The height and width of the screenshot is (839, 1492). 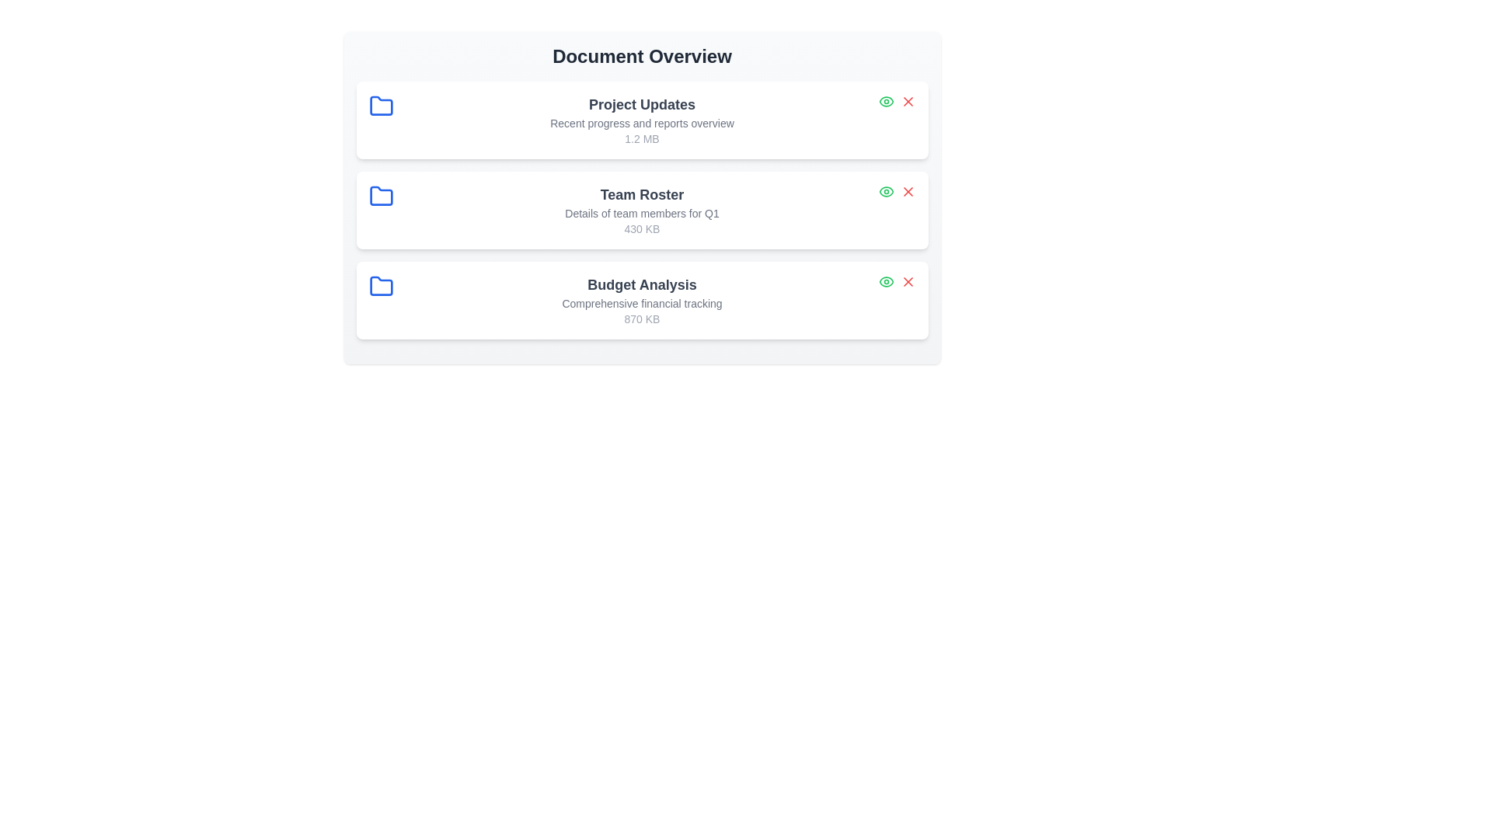 What do you see at coordinates (642, 300) in the screenshot?
I see `the item Budget Analysis to activate its hover state` at bounding box center [642, 300].